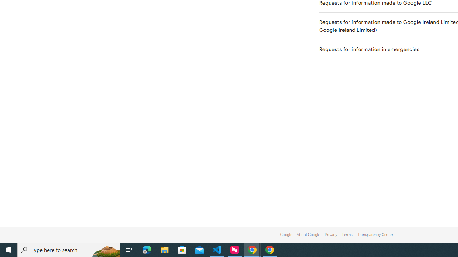 The image size is (458, 257). I want to click on 'About Google', so click(308, 235).